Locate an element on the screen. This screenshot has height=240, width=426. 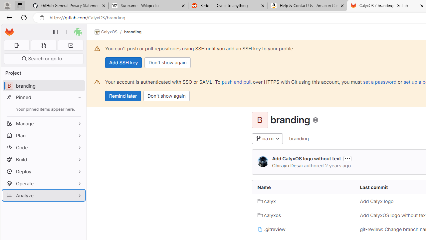
'calyx' is located at coordinates (267, 201).